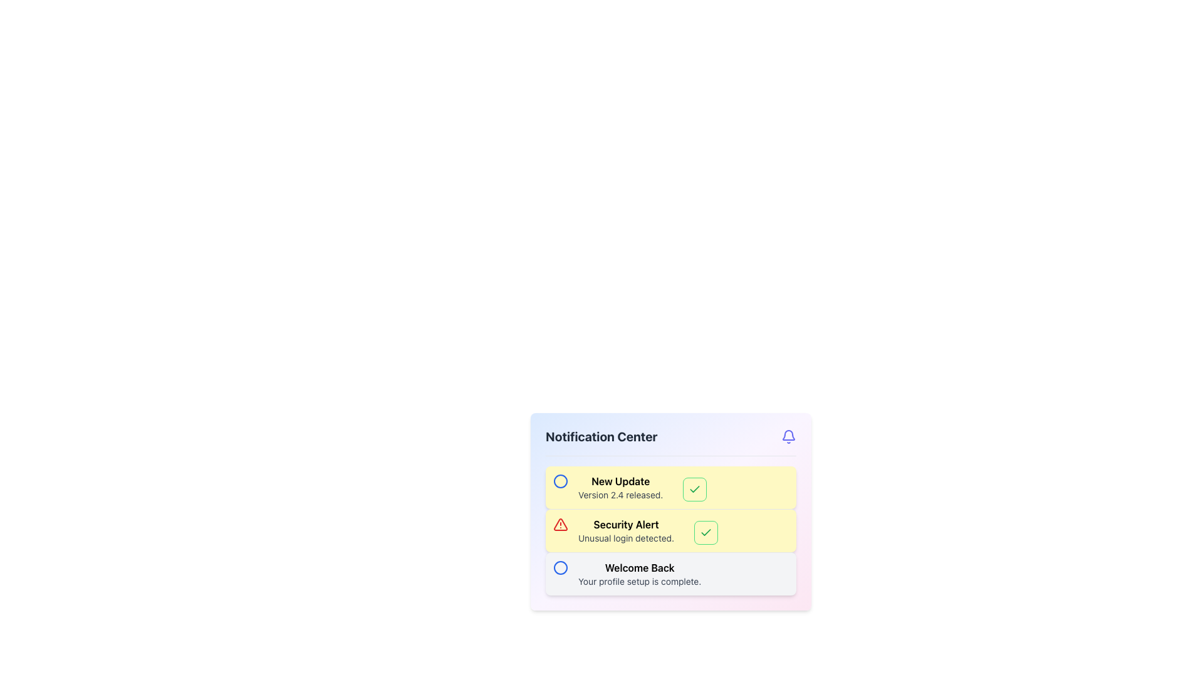  I want to click on the 'Security Alert' text block, which is a bold heading in a larger font size, located within the second notification box of the Notification Center, slightly above the 'Unusual login detected' text, so click(626, 525).